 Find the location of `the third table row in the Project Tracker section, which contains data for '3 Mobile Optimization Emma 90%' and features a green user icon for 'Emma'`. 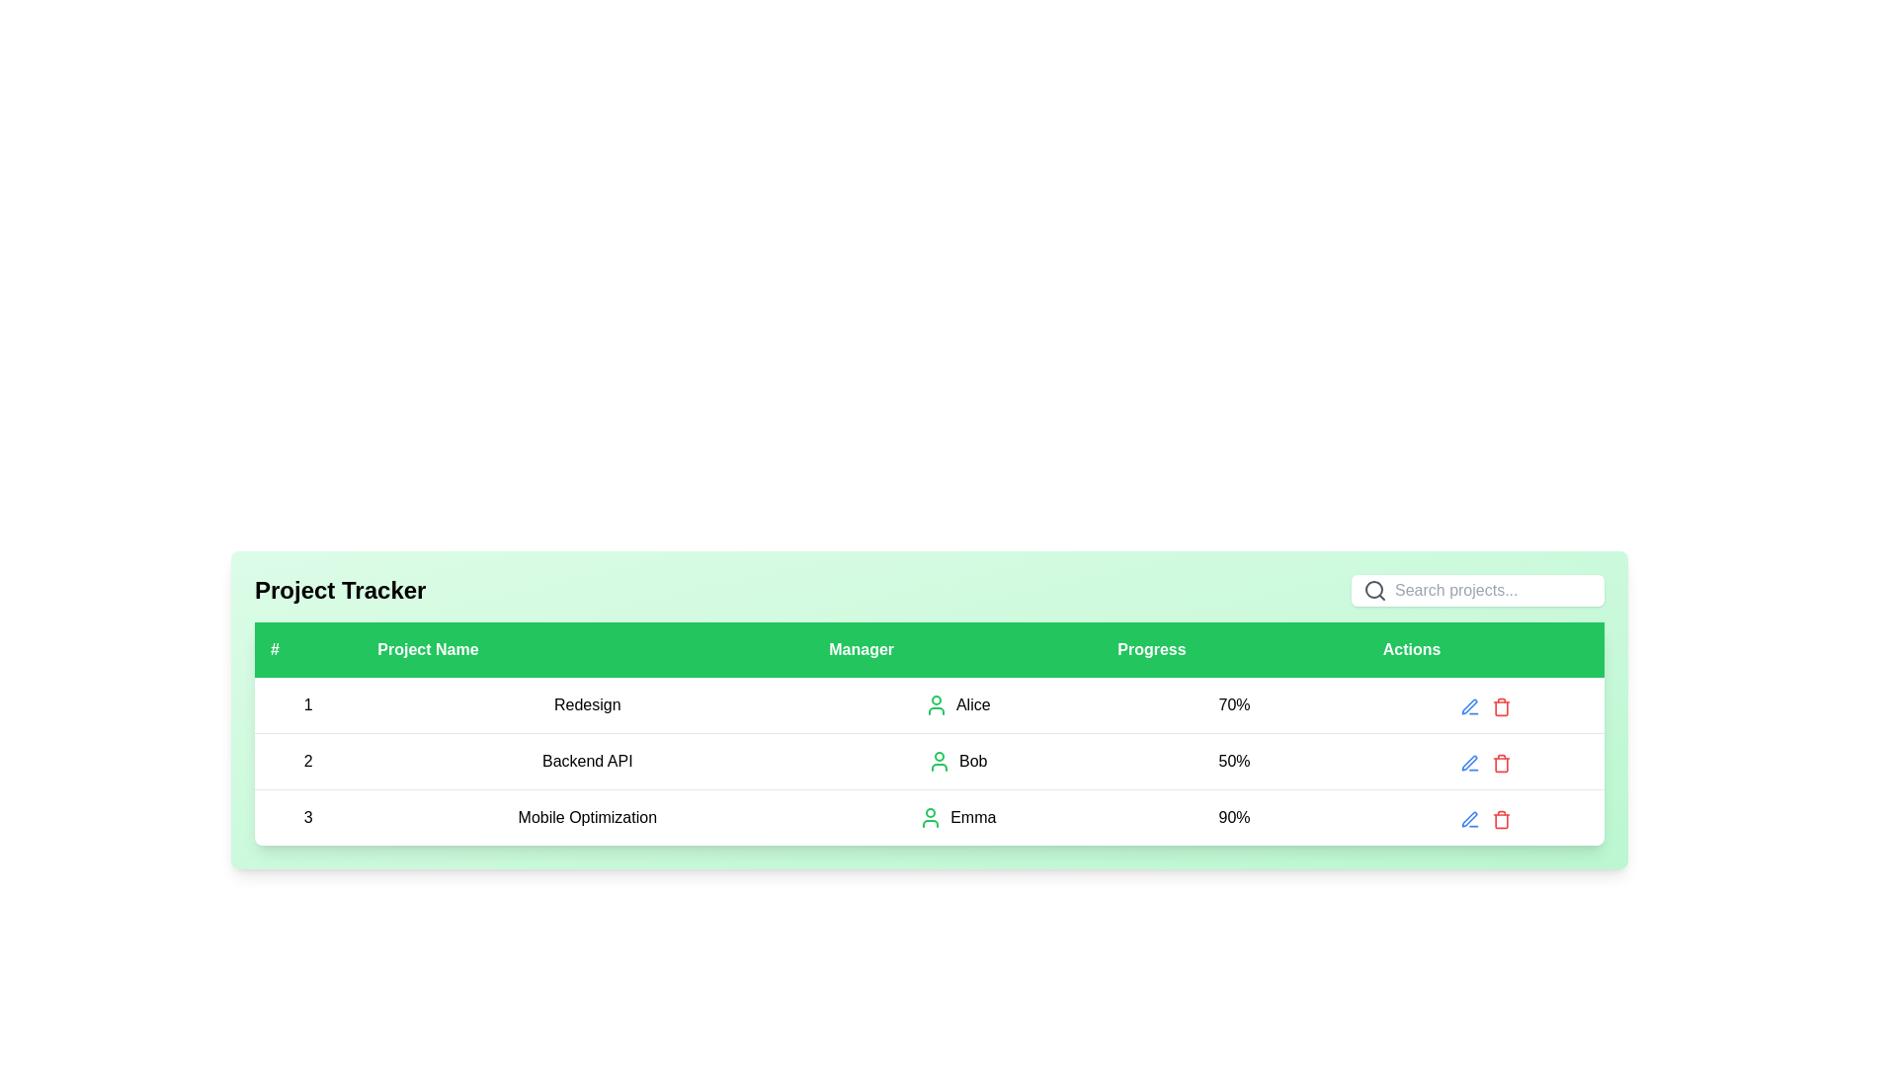

the third table row in the Project Tracker section, which contains data for '3 Mobile Optimization Emma 90%' and features a green user icon for 'Emma' is located at coordinates (928, 817).